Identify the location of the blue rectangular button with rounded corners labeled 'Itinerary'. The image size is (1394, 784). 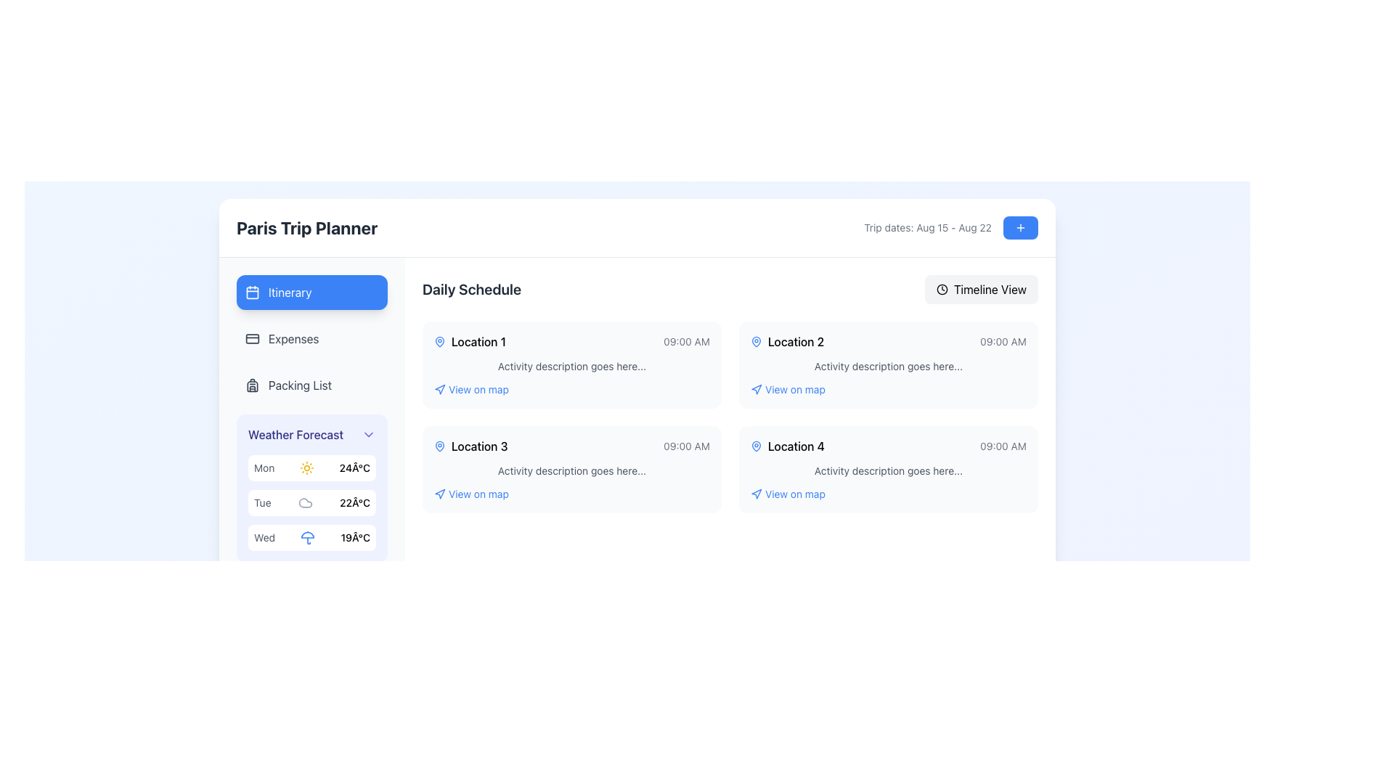
(311, 292).